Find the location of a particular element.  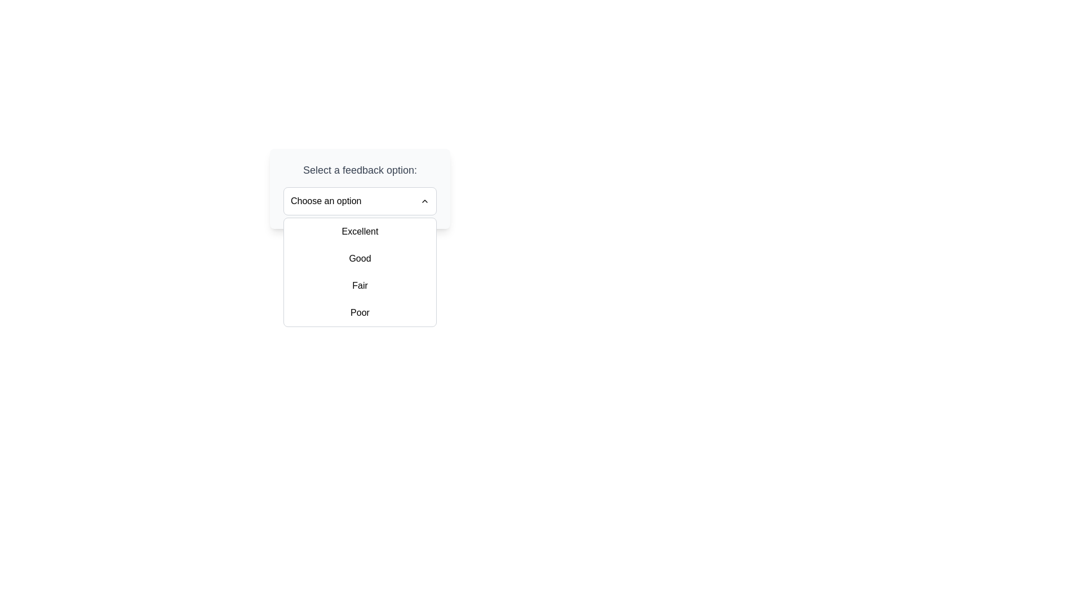

the 'Good' option in the dropdown menu, which is the second item below 'Excellent' and above 'Fair' is located at coordinates (359, 259).